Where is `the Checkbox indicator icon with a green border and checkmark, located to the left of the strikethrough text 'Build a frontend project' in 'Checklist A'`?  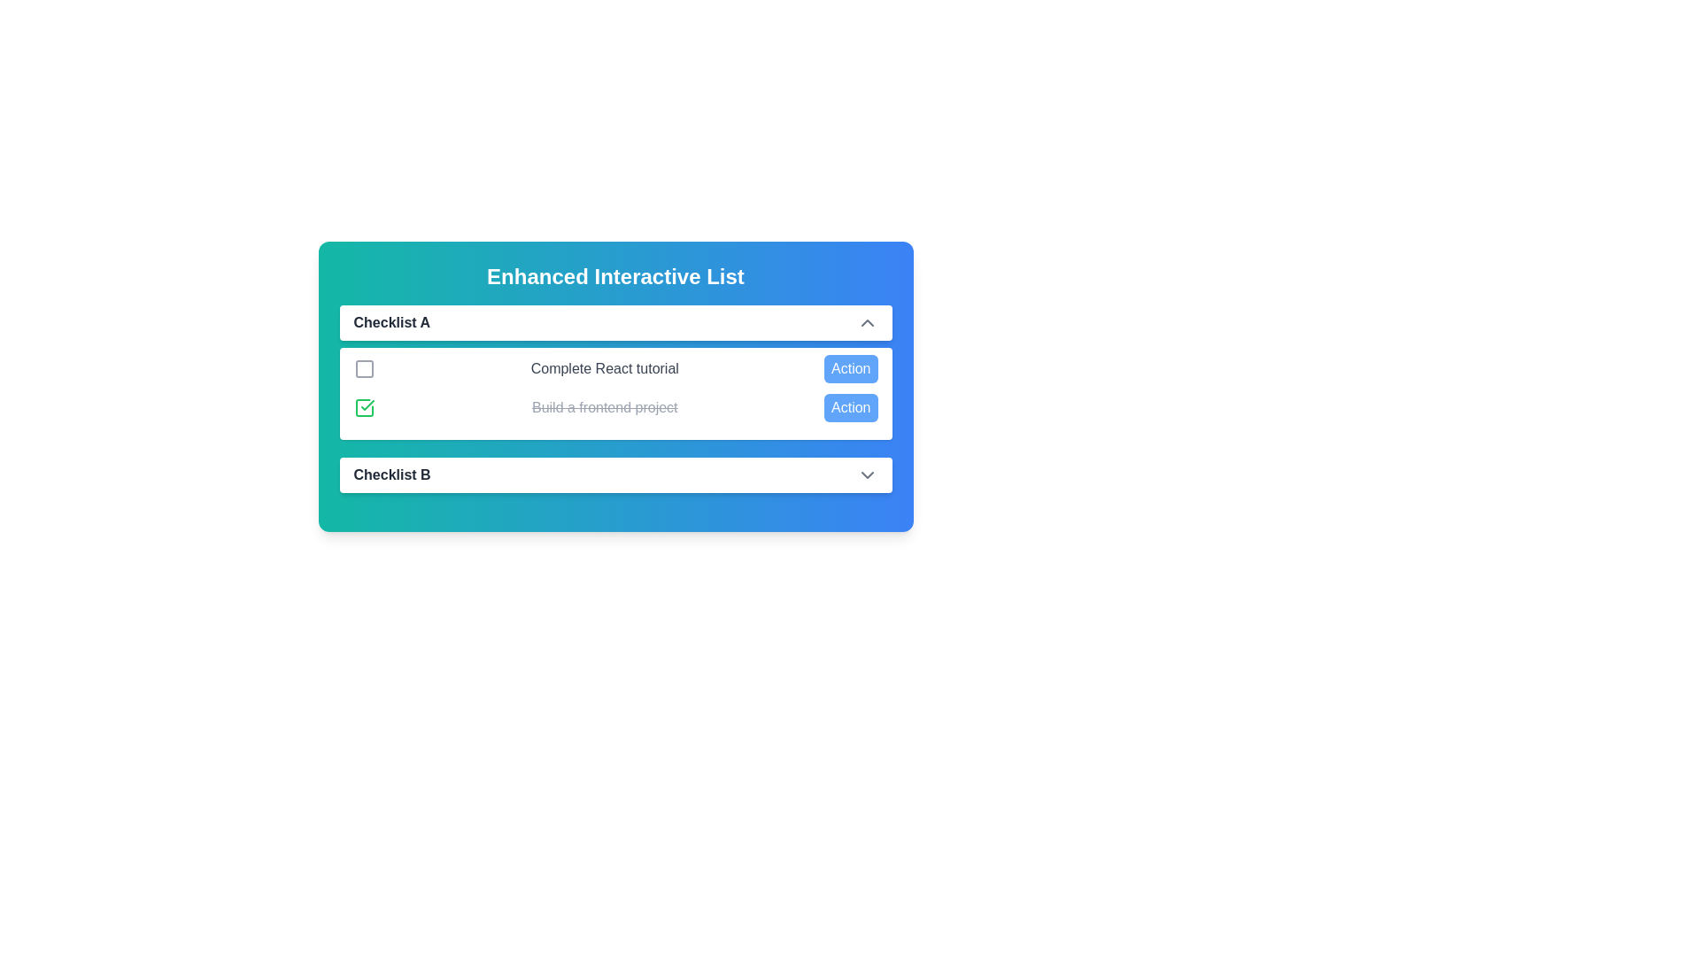
the Checkbox indicator icon with a green border and checkmark, located to the left of the strikethrough text 'Build a frontend project' in 'Checklist A' is located at coordinates (363, 408).